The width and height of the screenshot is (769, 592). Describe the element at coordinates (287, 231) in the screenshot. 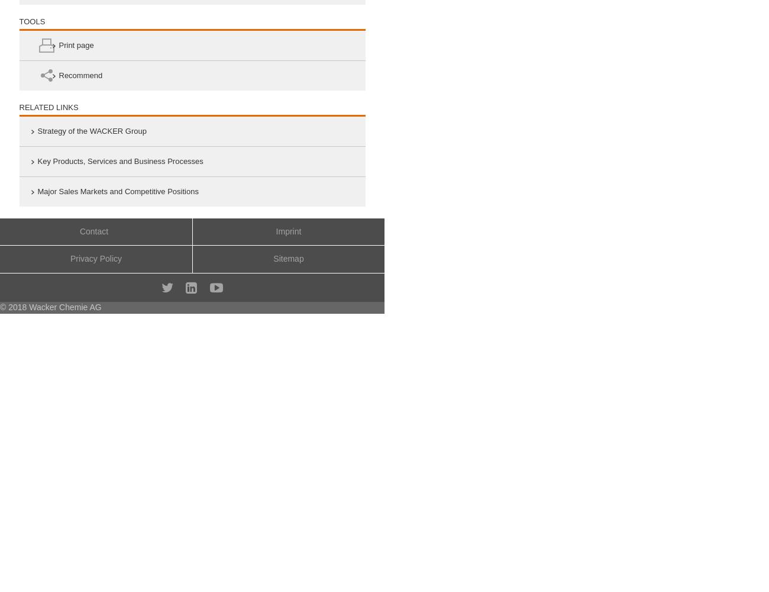

I see `'Imprint'` at that location.